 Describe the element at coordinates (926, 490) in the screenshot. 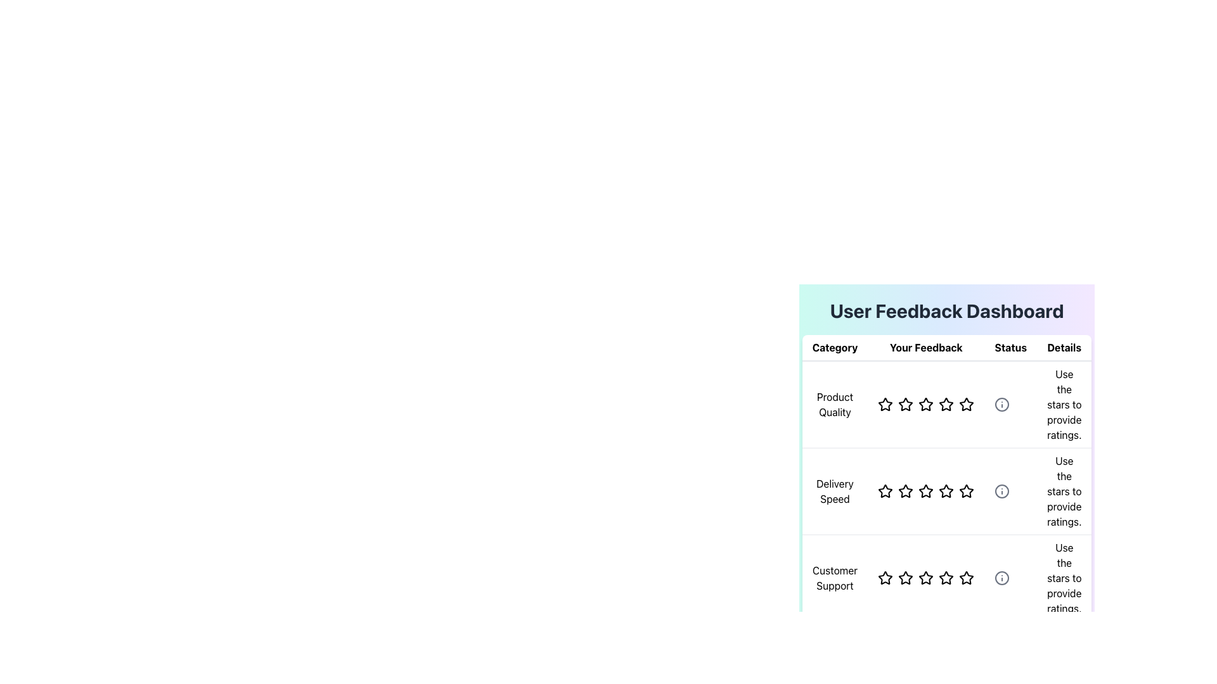

I see `the third star in the second row of the 'Delivery Speed' feedback section` at that location.